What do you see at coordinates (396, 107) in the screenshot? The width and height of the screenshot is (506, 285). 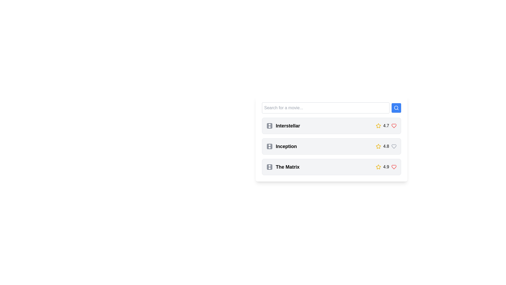 I see `the magnifying glass icon, which is styled with a blue background and white stroke, located centrally in a blue rounded button on the right side of the search input field to initiate a search` at bounding box center [396, 107].